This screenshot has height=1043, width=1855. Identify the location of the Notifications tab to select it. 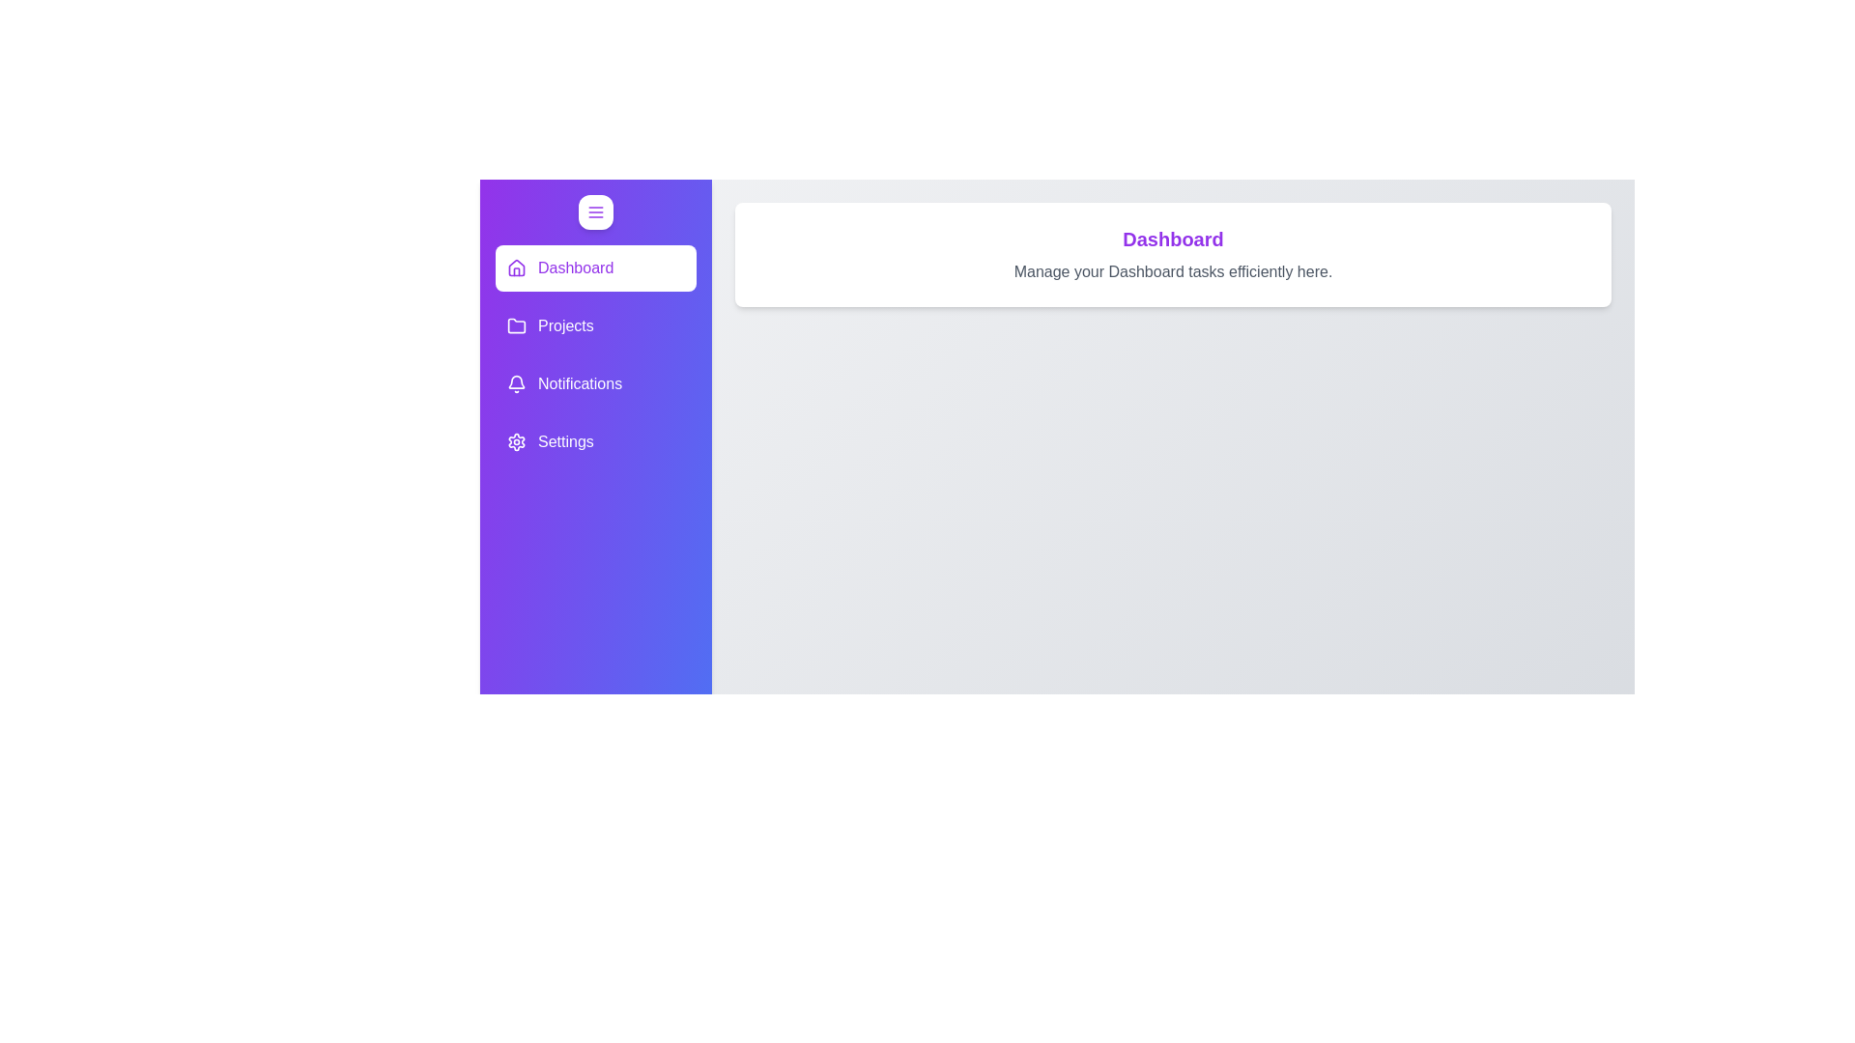
(595, 383).